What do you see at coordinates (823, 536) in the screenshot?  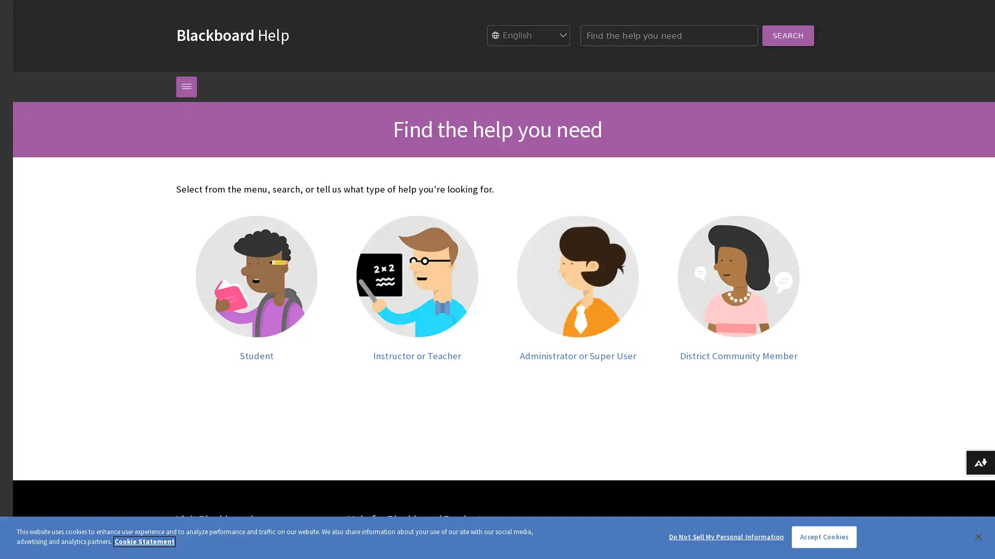 I see `Accept Cookies` at bounding box center [823, 536].